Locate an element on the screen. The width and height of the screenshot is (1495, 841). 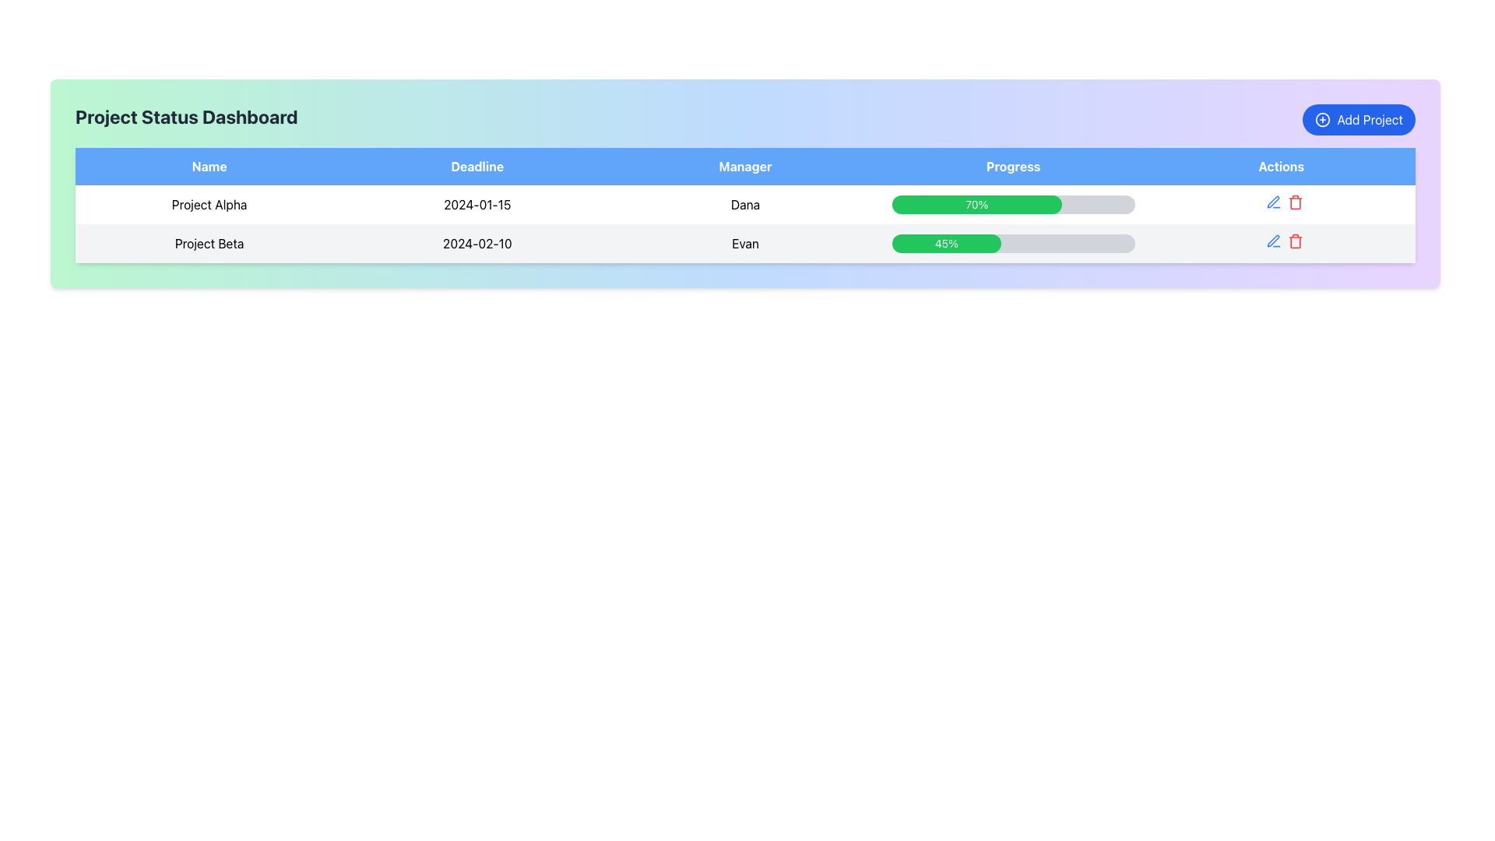
the Progress bar indicating 45% completion located in the second row of the tabular display, between the Manager column containing 'Evan' and the action icons in the Actions column is located at coordinates (1013, 243).